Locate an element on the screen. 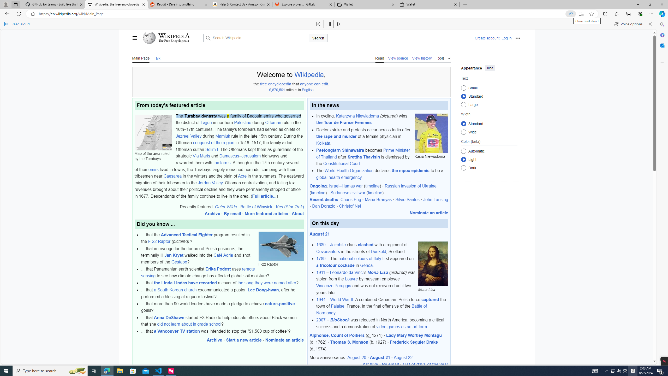  'August 22' is located at coordinates (403, 358).